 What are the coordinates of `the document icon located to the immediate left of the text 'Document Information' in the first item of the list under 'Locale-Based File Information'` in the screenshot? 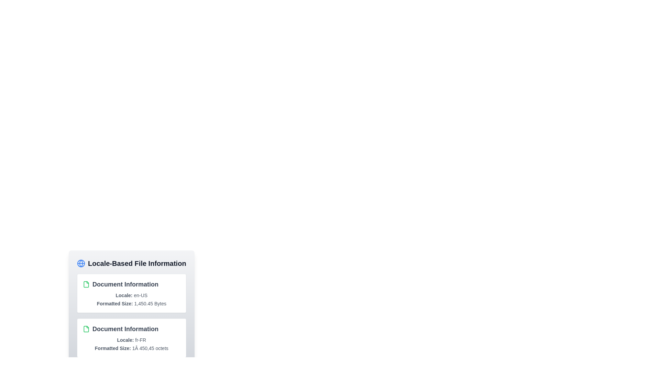 It's located at (86, 284).